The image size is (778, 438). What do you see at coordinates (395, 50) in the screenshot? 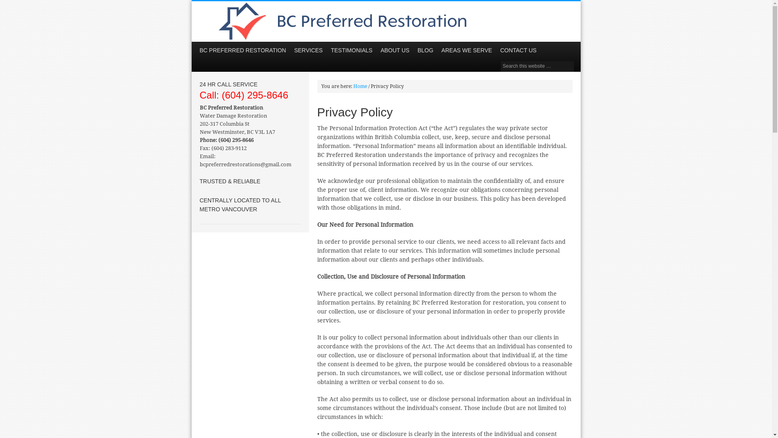
I see `'ABOUT US'` at bounding box center [395, 50].